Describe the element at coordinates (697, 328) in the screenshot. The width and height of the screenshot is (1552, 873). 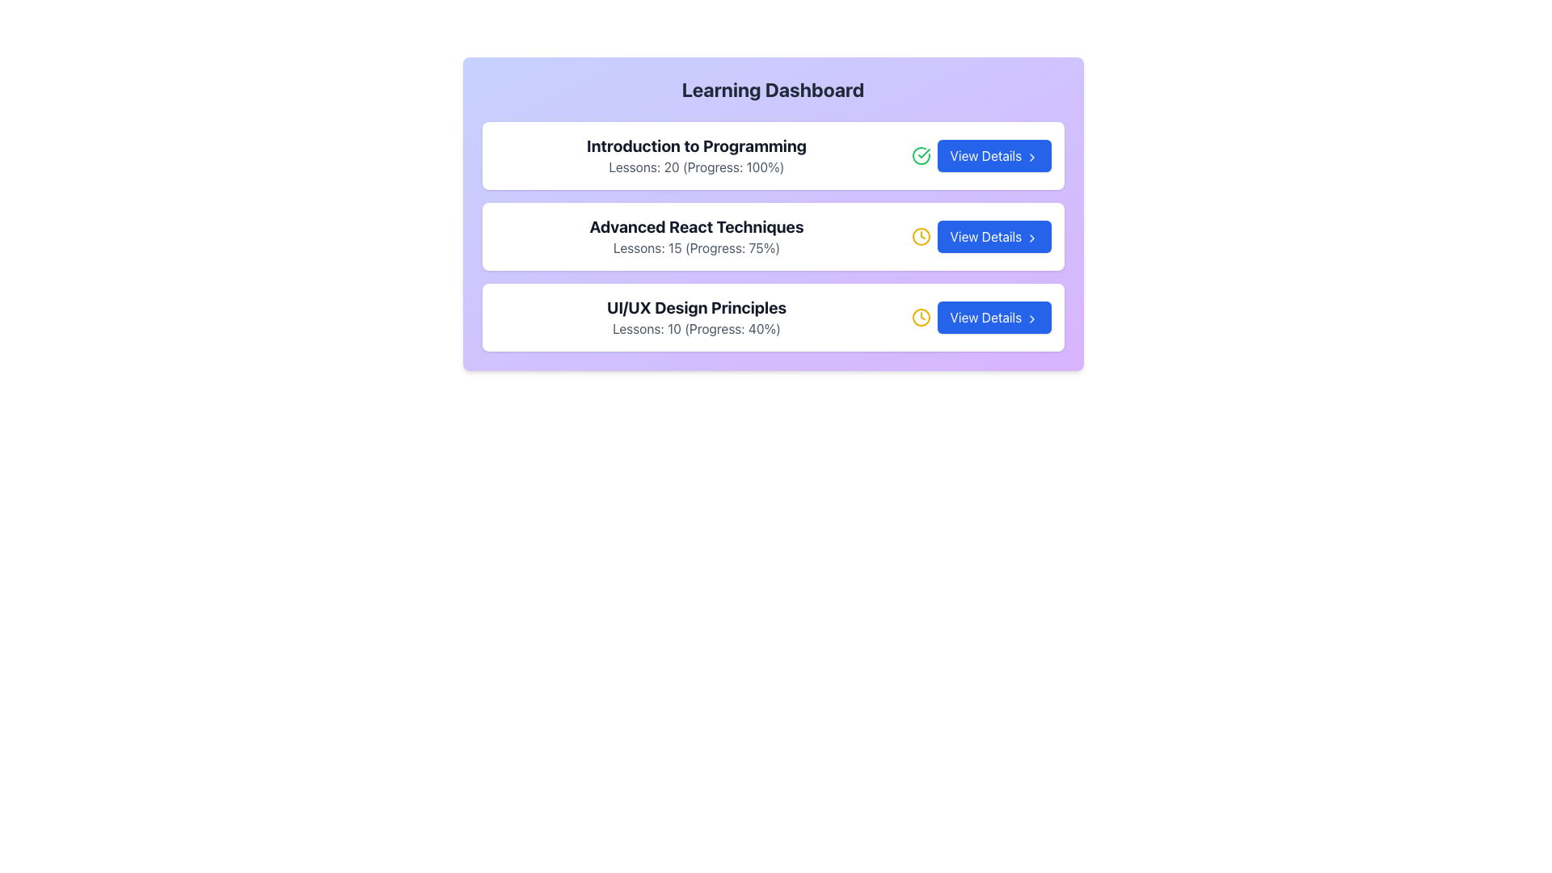
I see `the Text Label element displaying 'Lessons: 10 (Progress: 40%)' styled in gray, located below the title 'UI/UX Design Principles' in the third card of a vertical list` at that location.